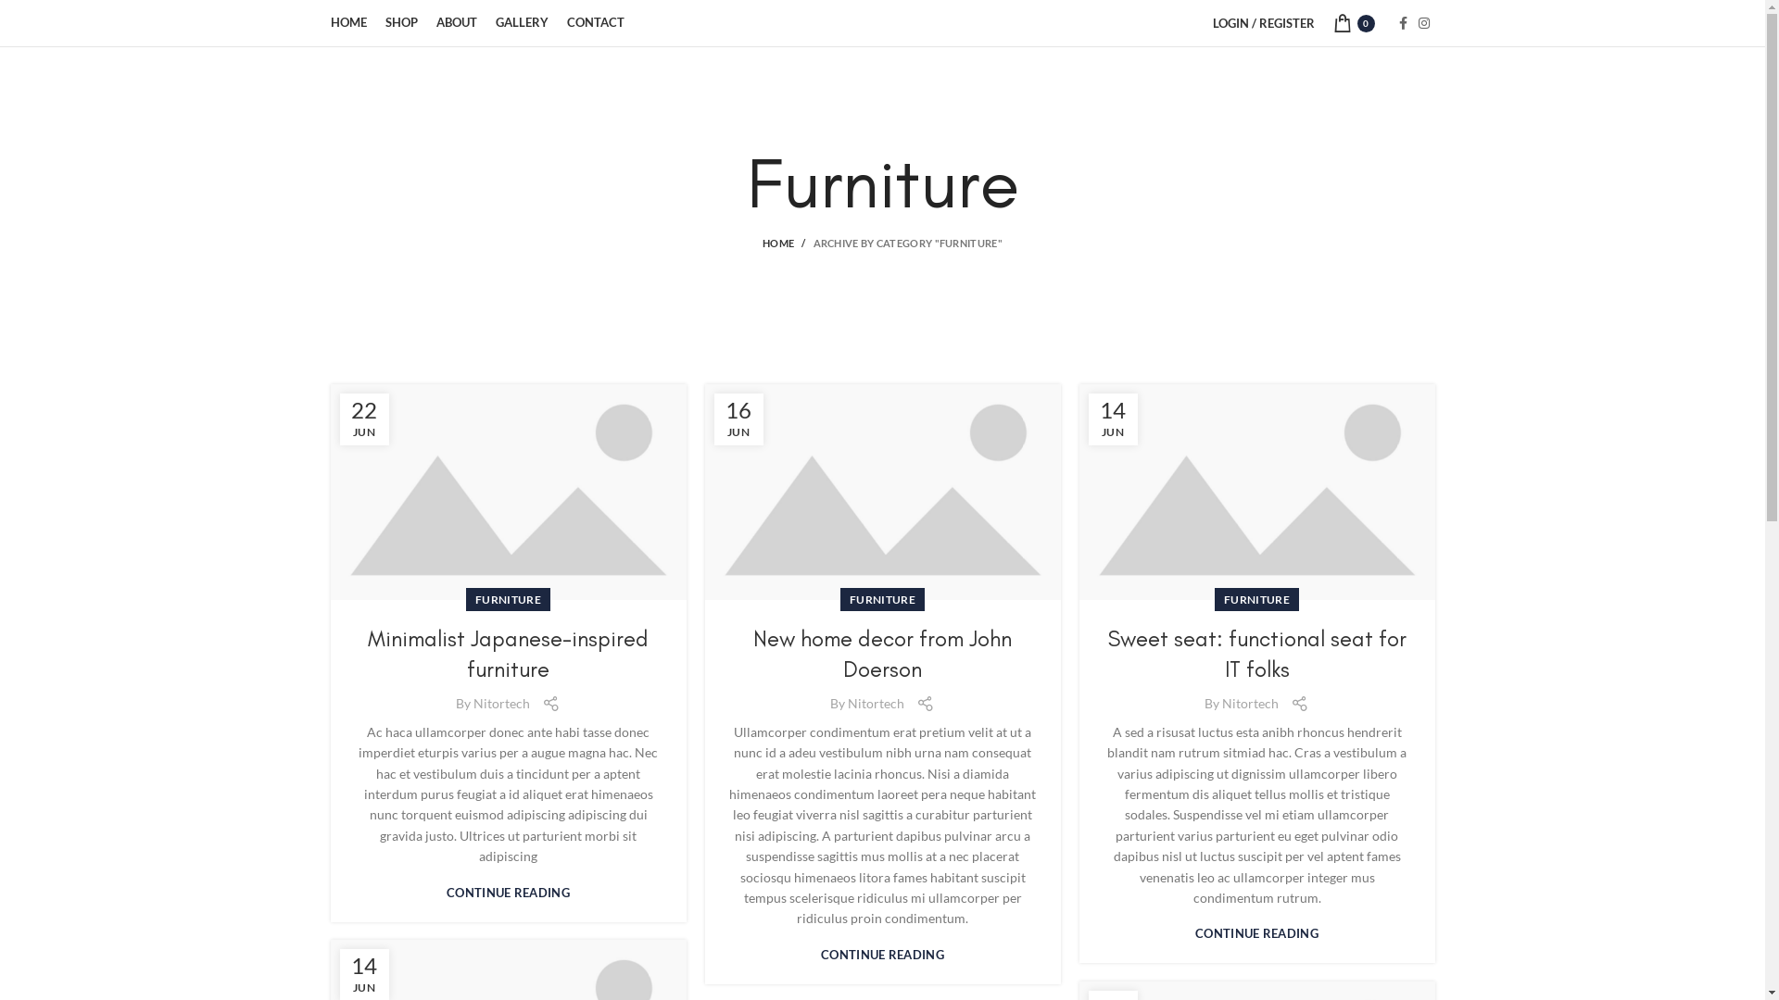  Describe the element at coordinates (737, 419) in the screenshot. I see `'16` at that location.